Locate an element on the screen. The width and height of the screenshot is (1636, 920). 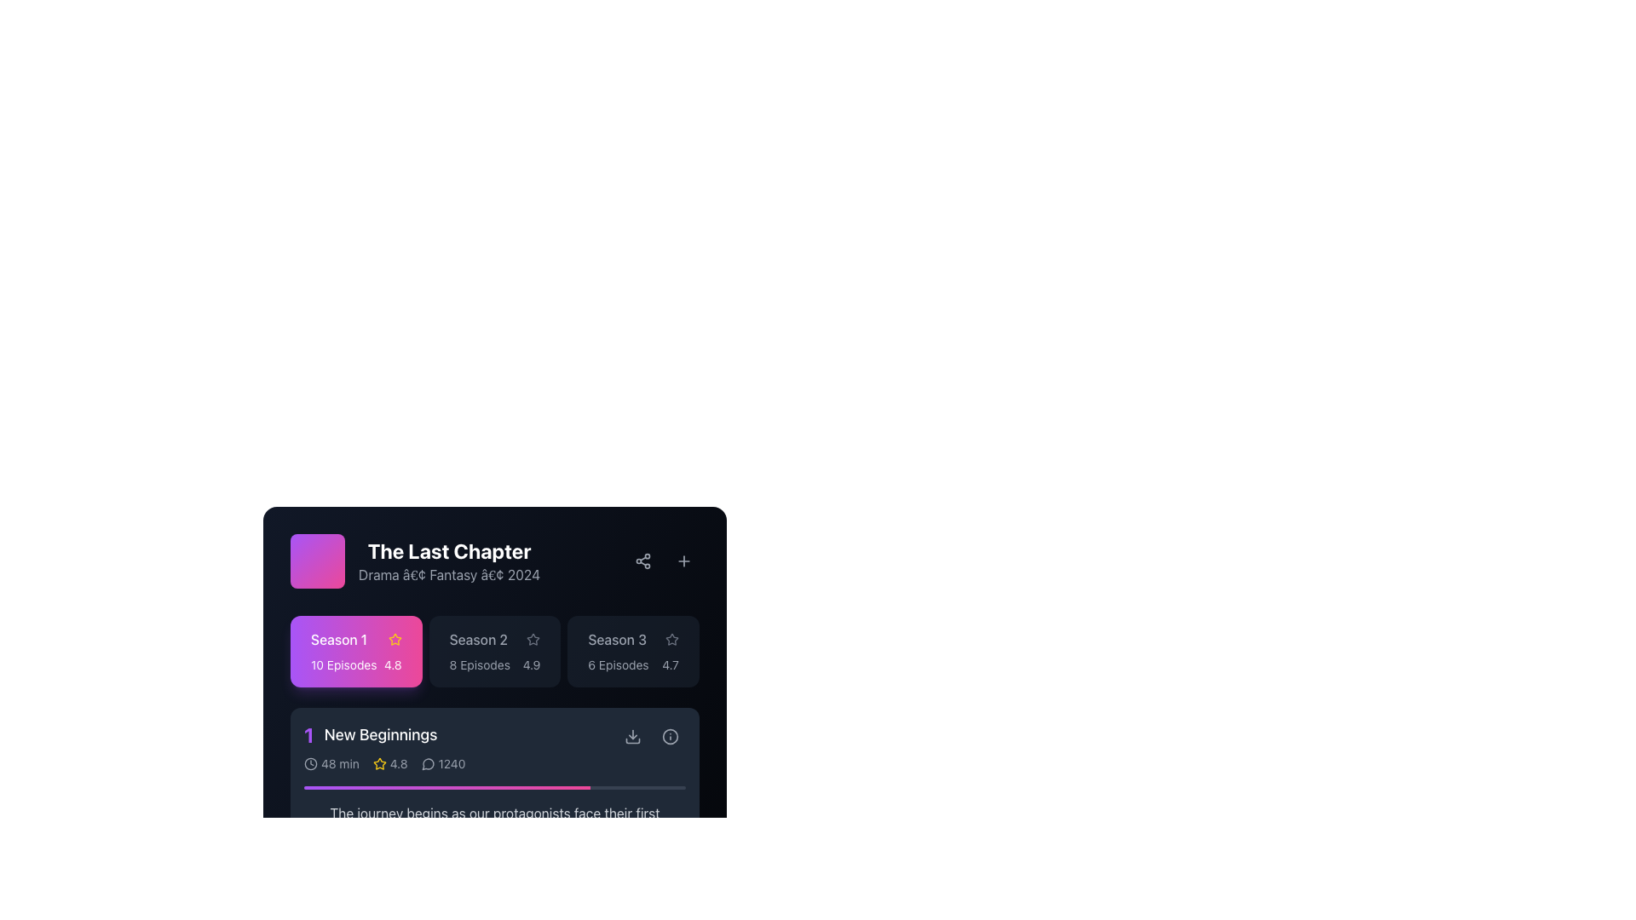
the Text Display element that precedes the text 'New Beginnings', which serves as an identifier or ranking is located at coordinates (308, 734).